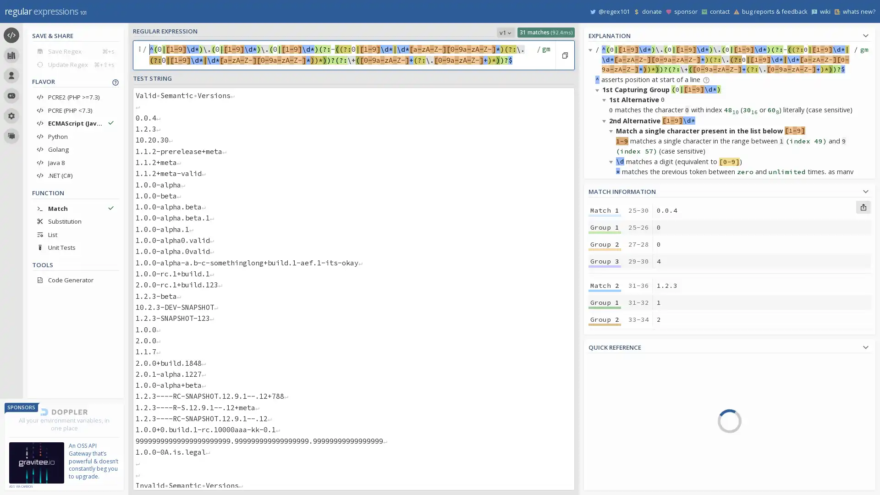  Describe the element at coordinates (75, 97) in the screenshot. I see `PCRE2 (PHP >=7.3)` at that location.